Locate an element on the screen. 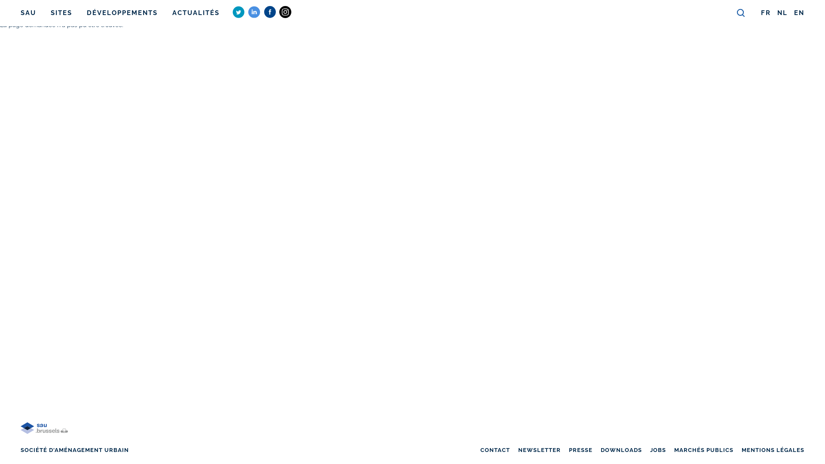  'EN' is located at coordinates (799, 13).